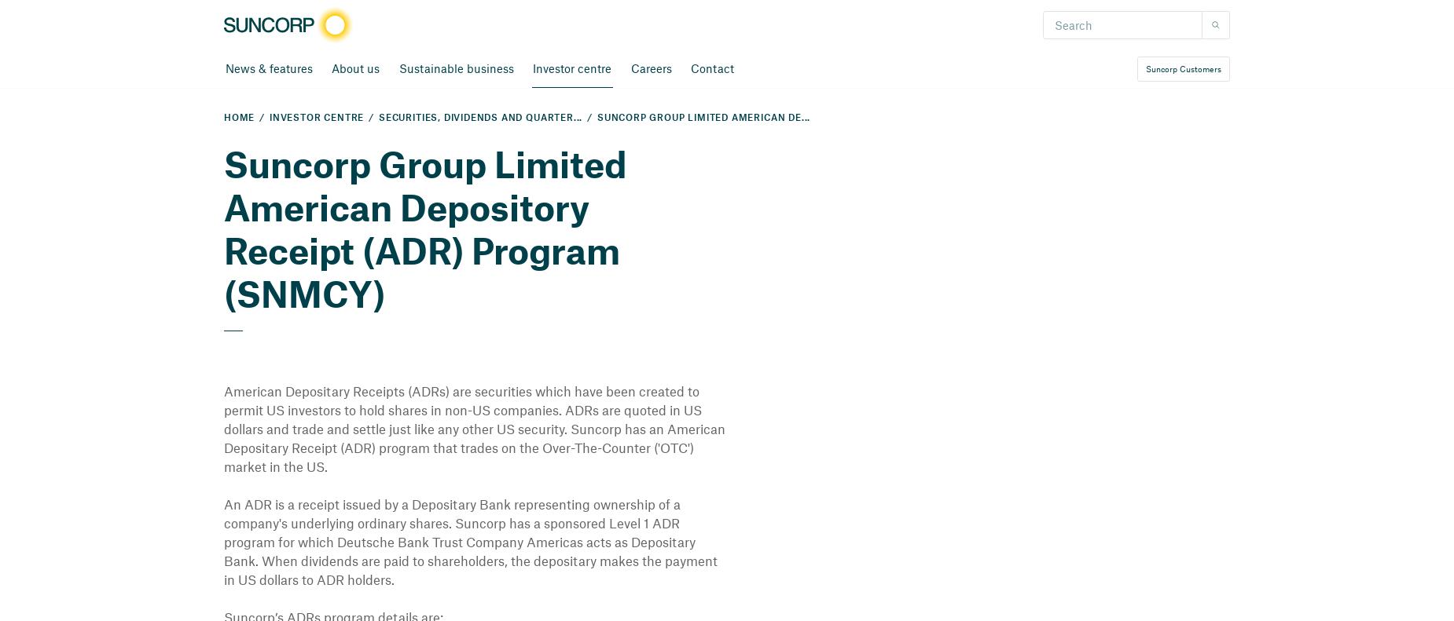  I want to click on 'American Depositary Receipts (ADRs) are securities which have been created to permit US investors to hold shares in non-US companies. ADRs are quoted in US dollars and trade and settle just like any other US security. Suncorp has an American Depositary Receipt (ADR) program that trades on the Over-The-Counter ('OTC') market in the US.', so click(475, 429).